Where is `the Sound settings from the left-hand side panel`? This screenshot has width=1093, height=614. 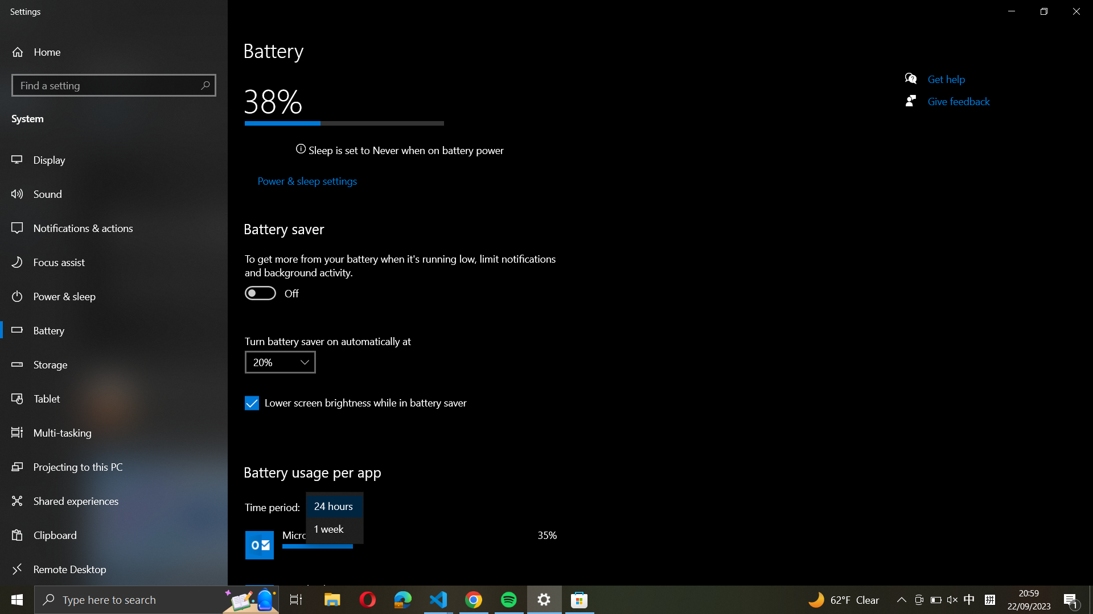
the Sound settings from the left-hand side panel is located at coordinates (114, 193).